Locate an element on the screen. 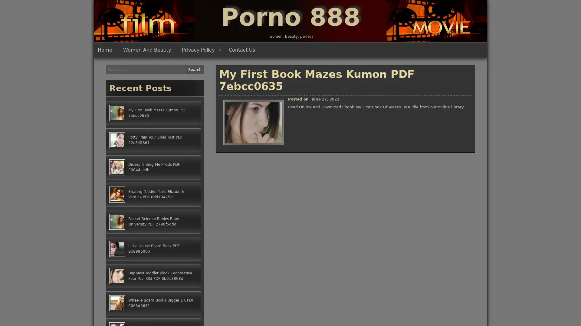 The width and height of the screenshot is (581, 326). Search is located at coordinates (195, 69).